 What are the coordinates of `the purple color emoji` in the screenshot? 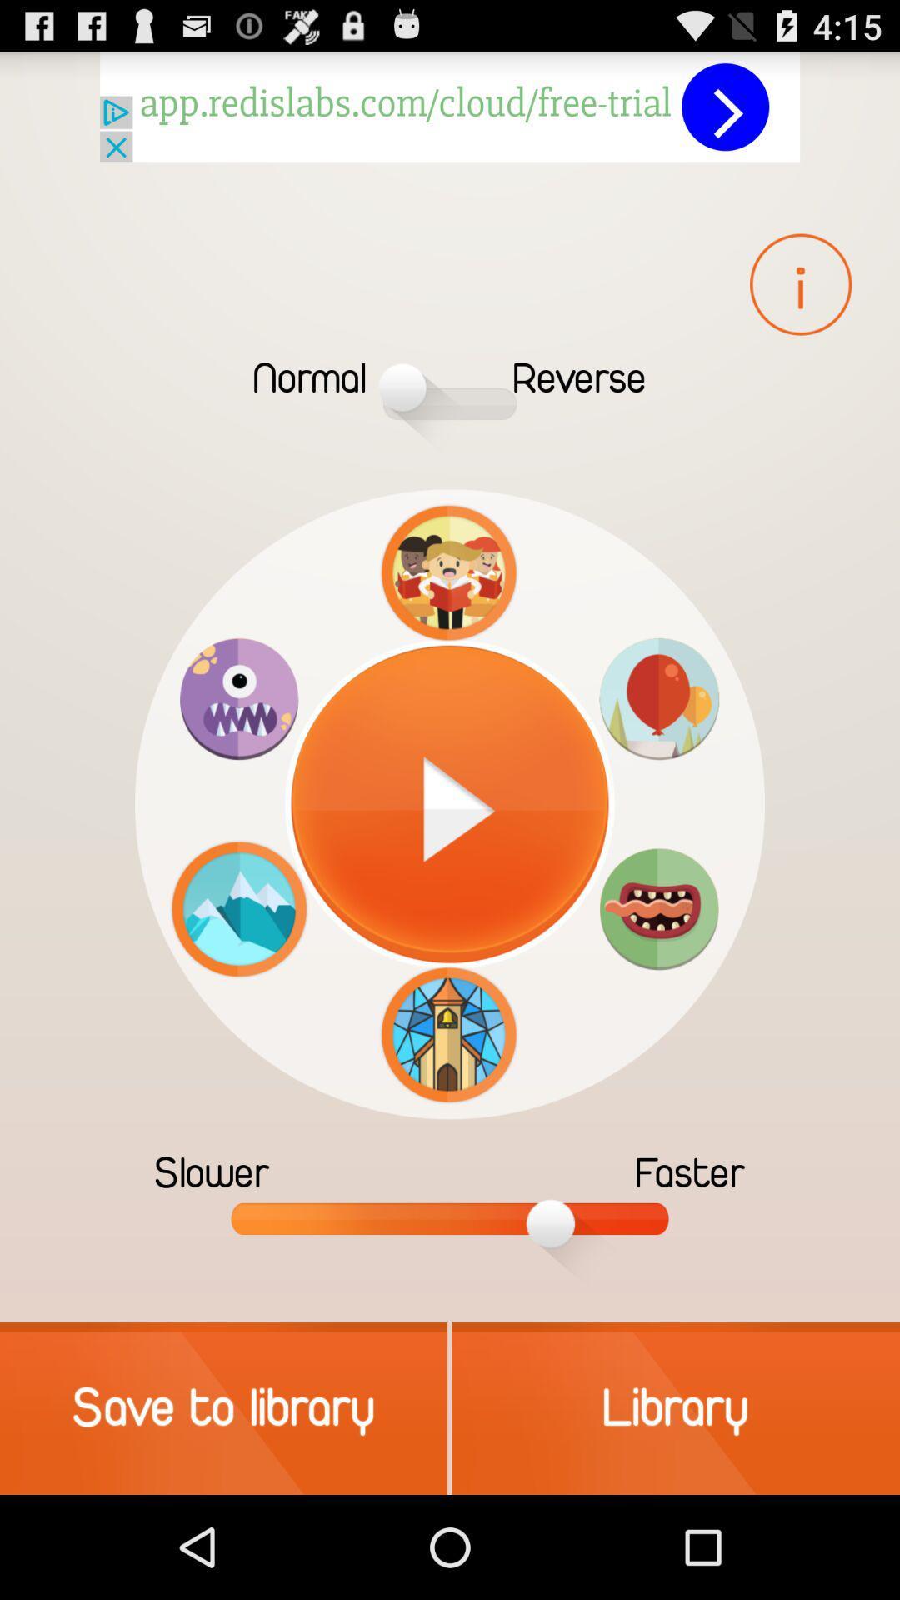 It's located at (238, 699).